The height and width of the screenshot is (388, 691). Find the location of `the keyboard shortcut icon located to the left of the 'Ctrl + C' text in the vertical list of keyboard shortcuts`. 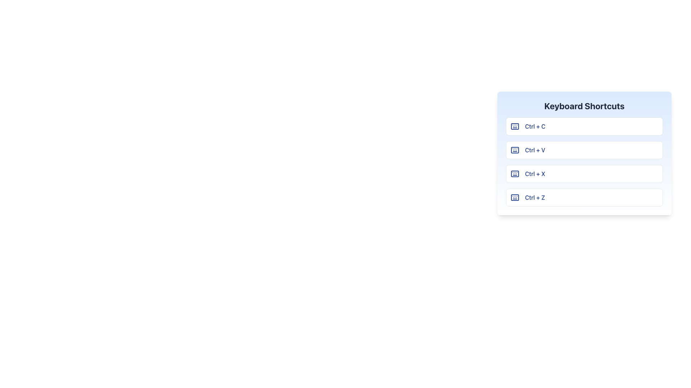

the keyboard shortcut icon located to the left of the 'Ctrl + C' text in the vertical list of keyboard shortcuts is located at coordinates (514, 126).